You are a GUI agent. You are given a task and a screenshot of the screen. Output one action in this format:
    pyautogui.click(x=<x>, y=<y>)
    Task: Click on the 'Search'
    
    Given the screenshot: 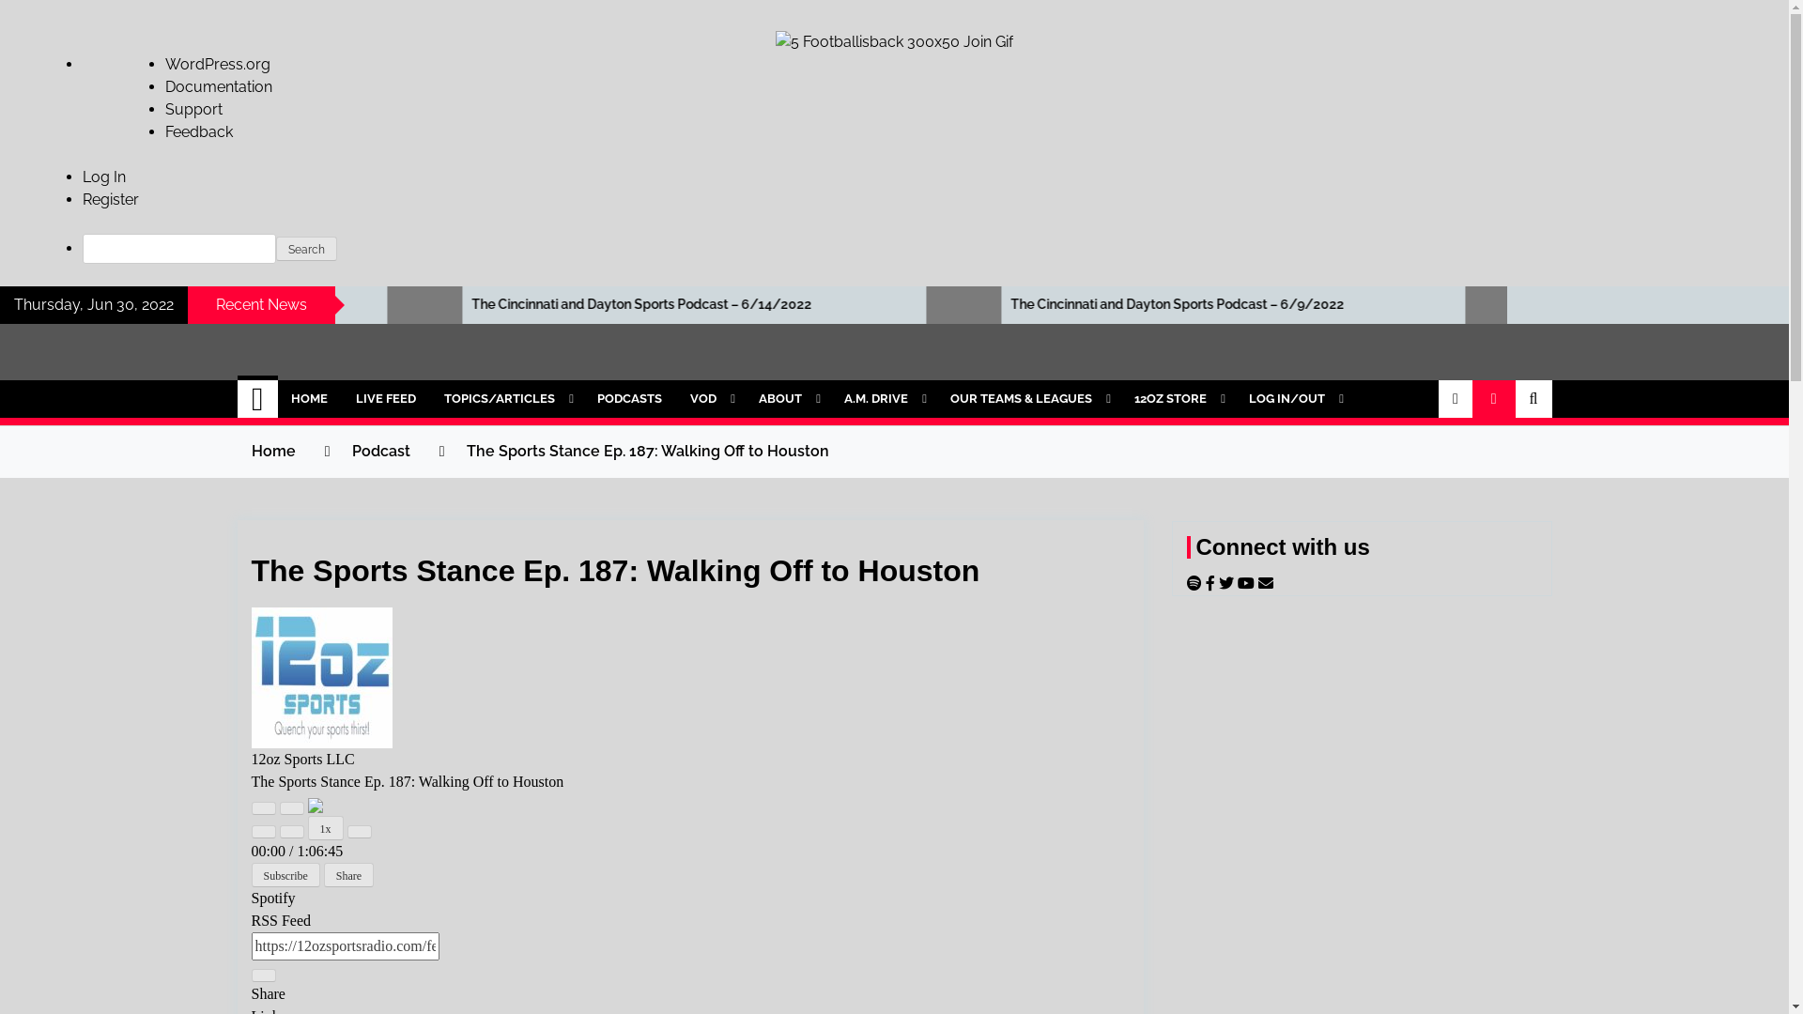 What is the action you would take?
    pyautogui.click(x=274, y=248)
    